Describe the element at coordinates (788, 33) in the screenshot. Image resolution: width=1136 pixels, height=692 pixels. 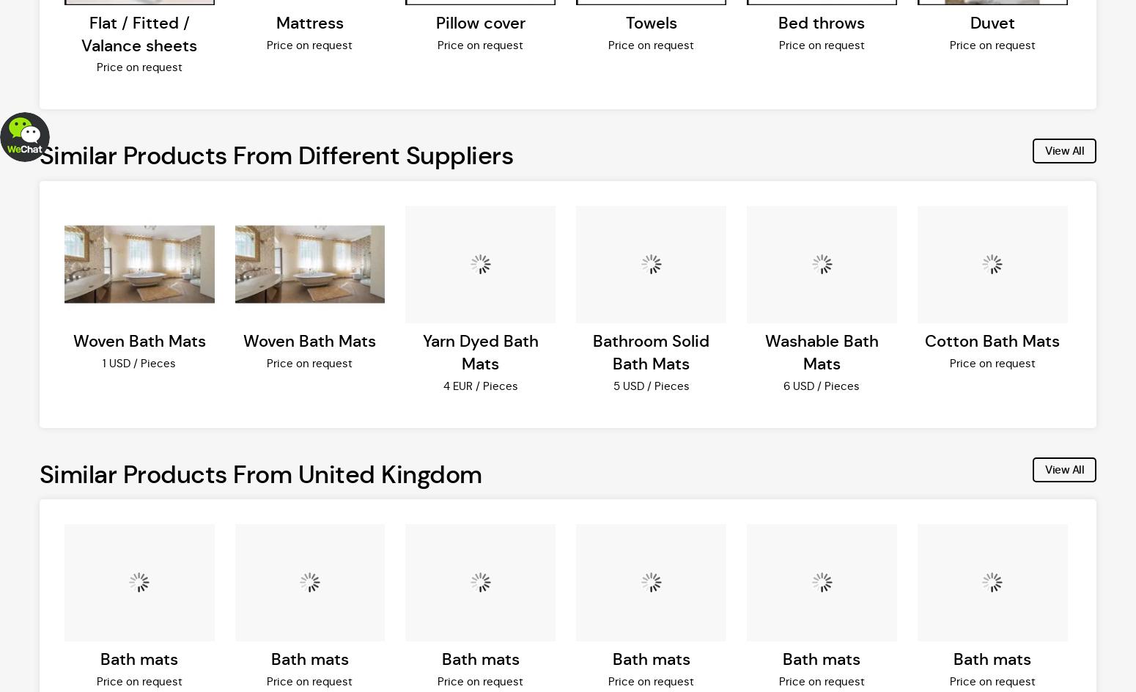
I see `'Accessories & Equipments'` at that location.